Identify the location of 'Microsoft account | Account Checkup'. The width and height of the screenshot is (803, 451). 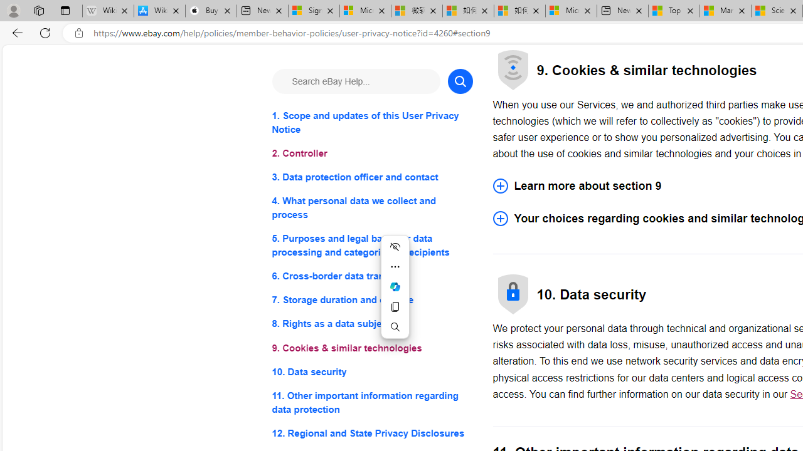
(570, 11).